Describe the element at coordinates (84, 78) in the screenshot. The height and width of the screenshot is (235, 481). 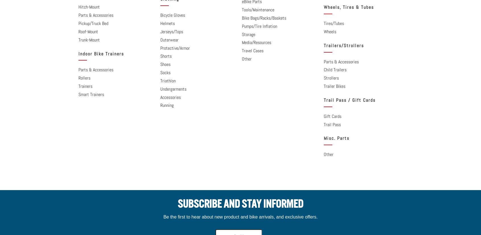
I see `'Rollers'` at that location.